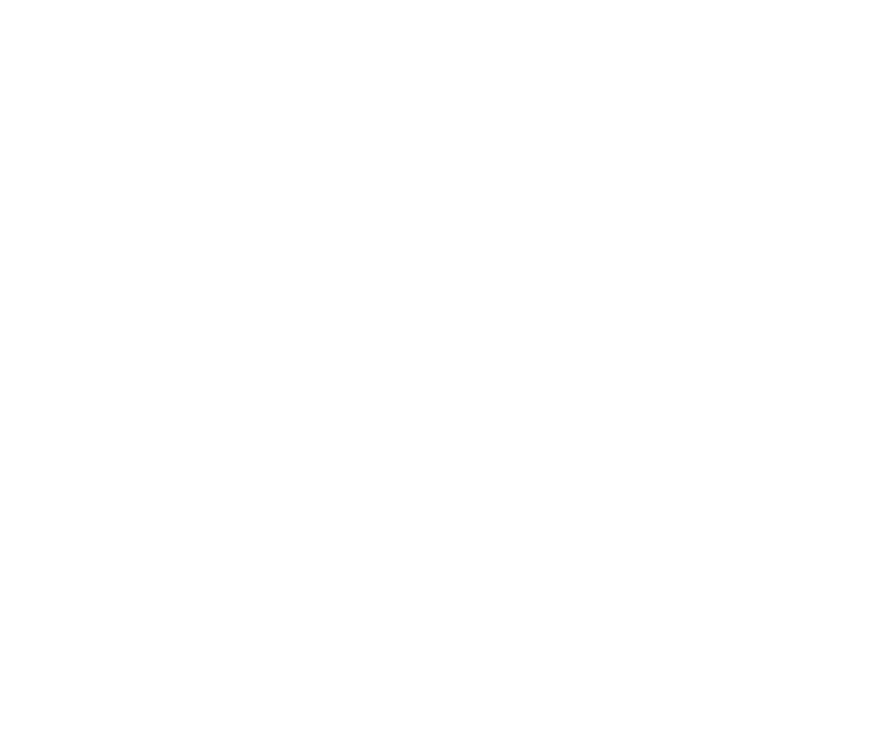  What do you see at coordinates (531, 212) in the screenshot?
I see `'Food Pantry'` at bounding box center [531, 212].